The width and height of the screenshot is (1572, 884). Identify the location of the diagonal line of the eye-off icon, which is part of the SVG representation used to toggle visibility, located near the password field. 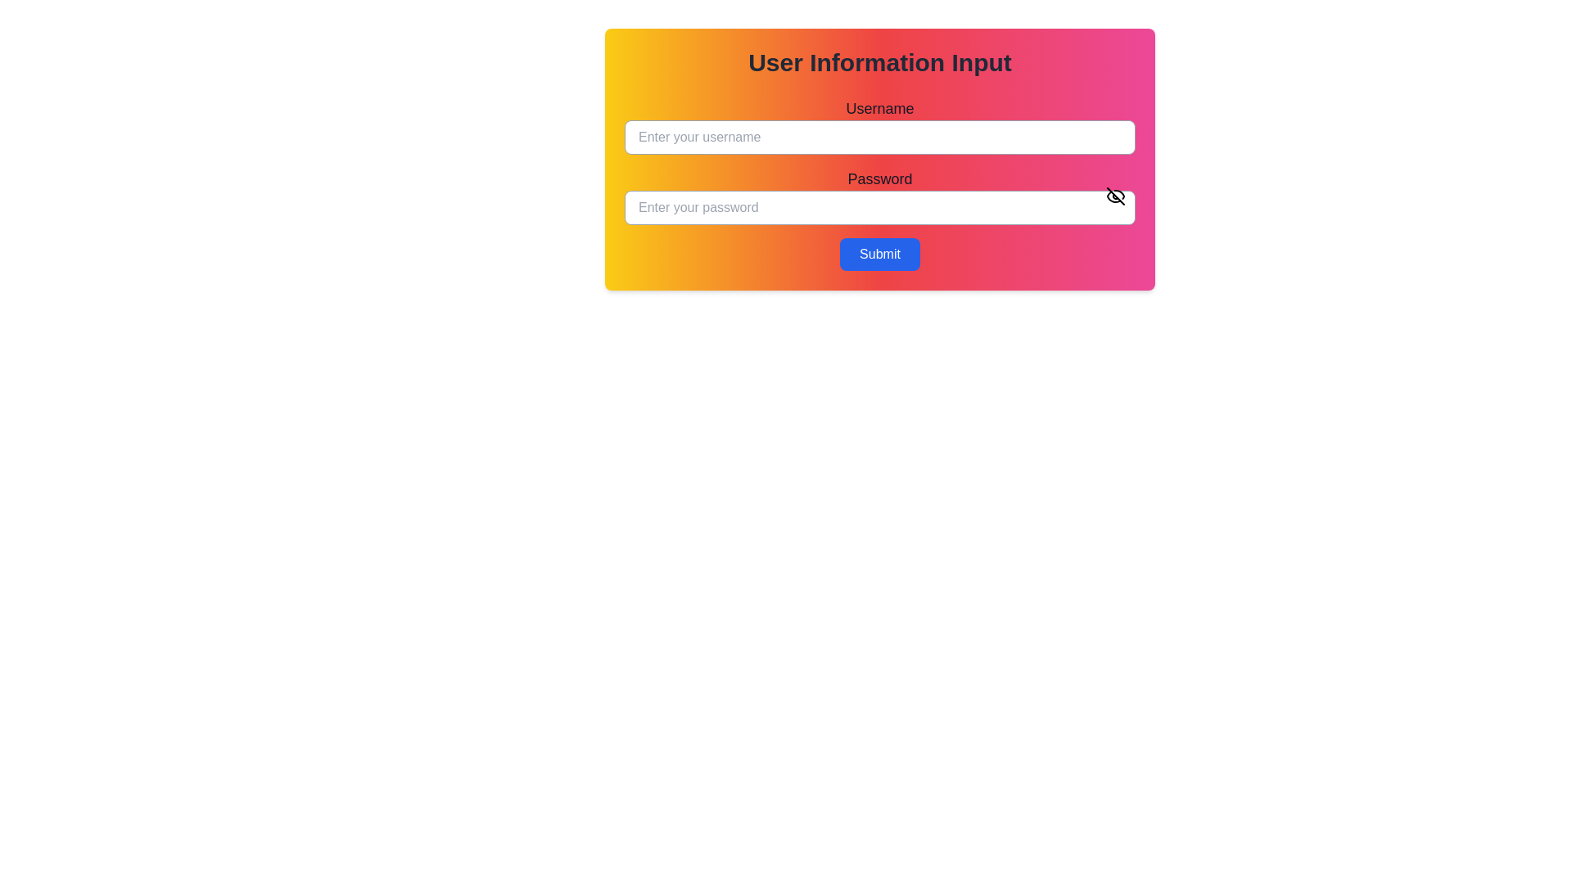
(1115, 195).